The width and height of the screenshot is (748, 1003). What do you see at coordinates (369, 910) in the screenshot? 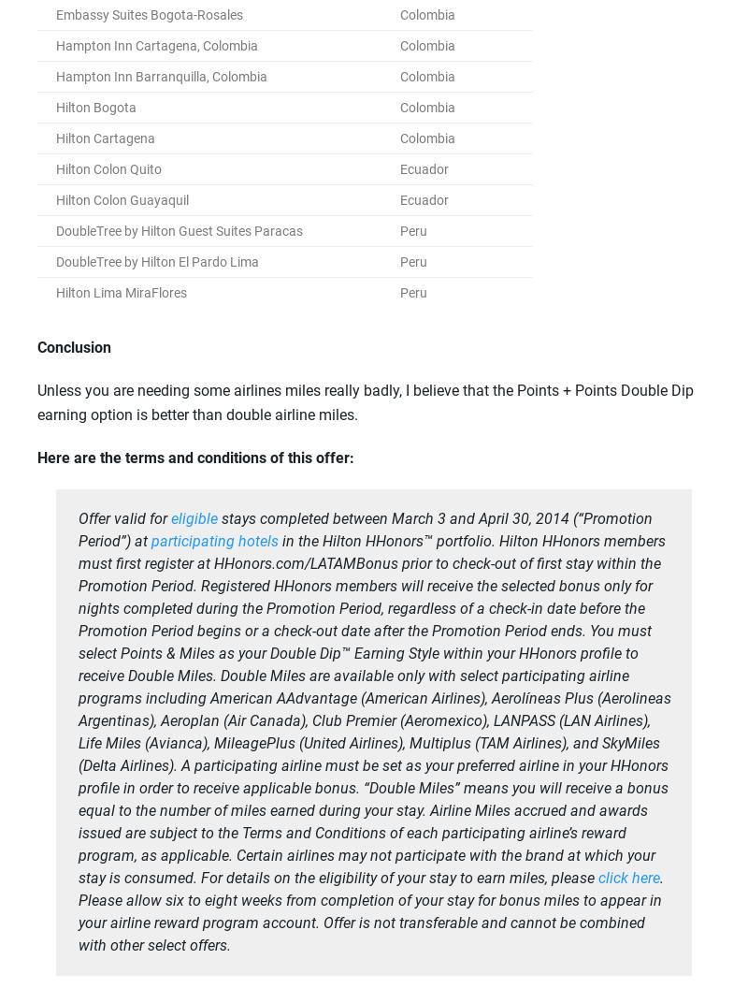
I see `'. Please allow six to eight weeks from completion of your stay for bonus miles to appear in your airline reward program account. Offer is not transferable and cannot be combined with other select offers.'` at bounding box center [369, 910].